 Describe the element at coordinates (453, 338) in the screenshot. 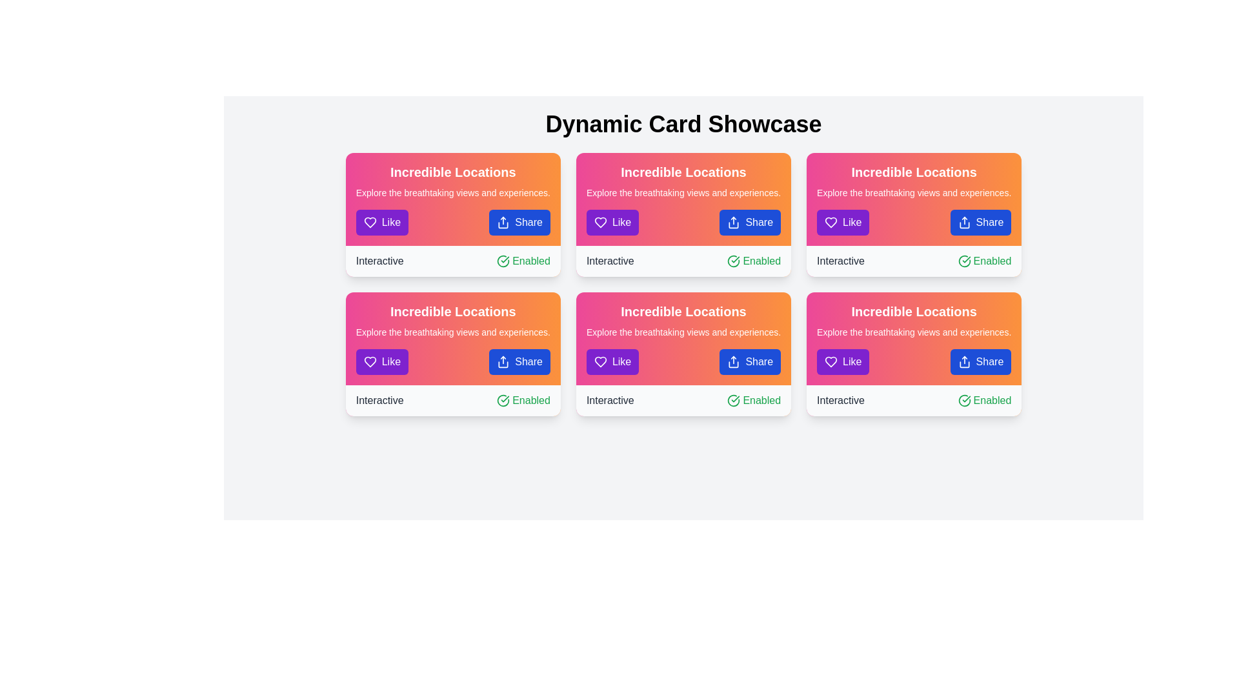

I see `the 'Incredible Locations' card located in the second row and first column of the grid layout to focus on it` at that location.